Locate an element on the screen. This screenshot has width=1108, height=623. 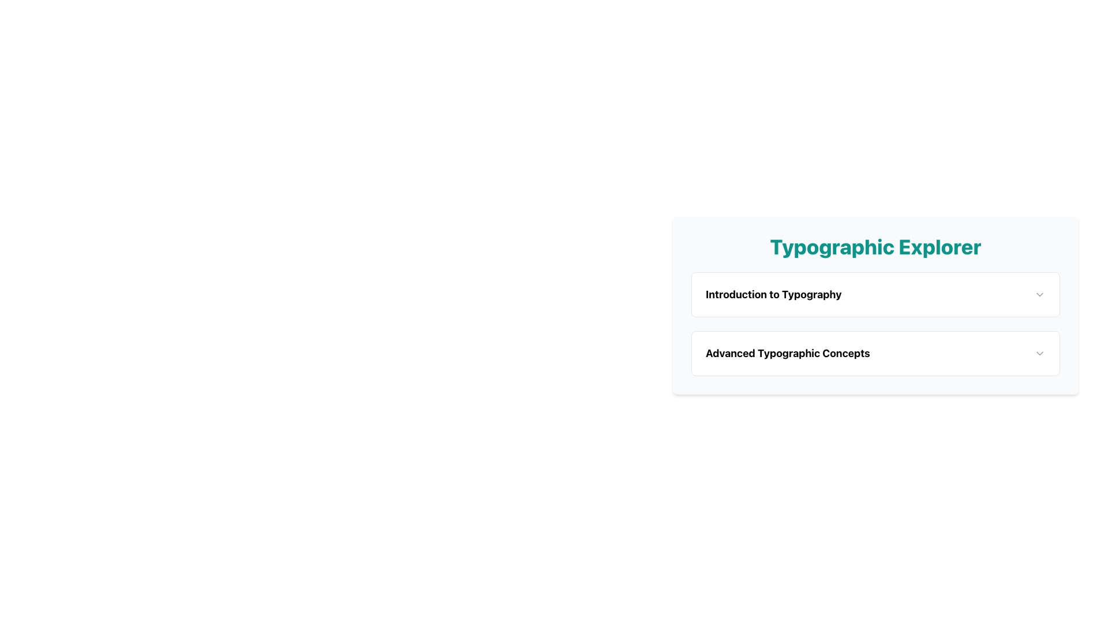
on the expandable list item for 'Introduction is located at coordinates (875, 294).